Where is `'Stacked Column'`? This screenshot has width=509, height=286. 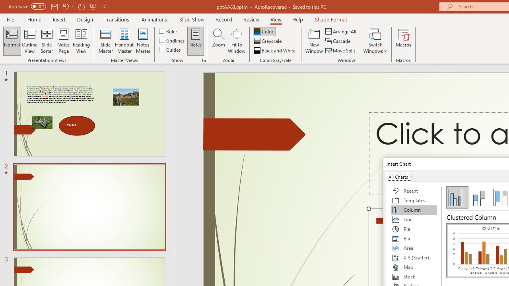
'Stacked Column' is located at coordinates (479, 197).